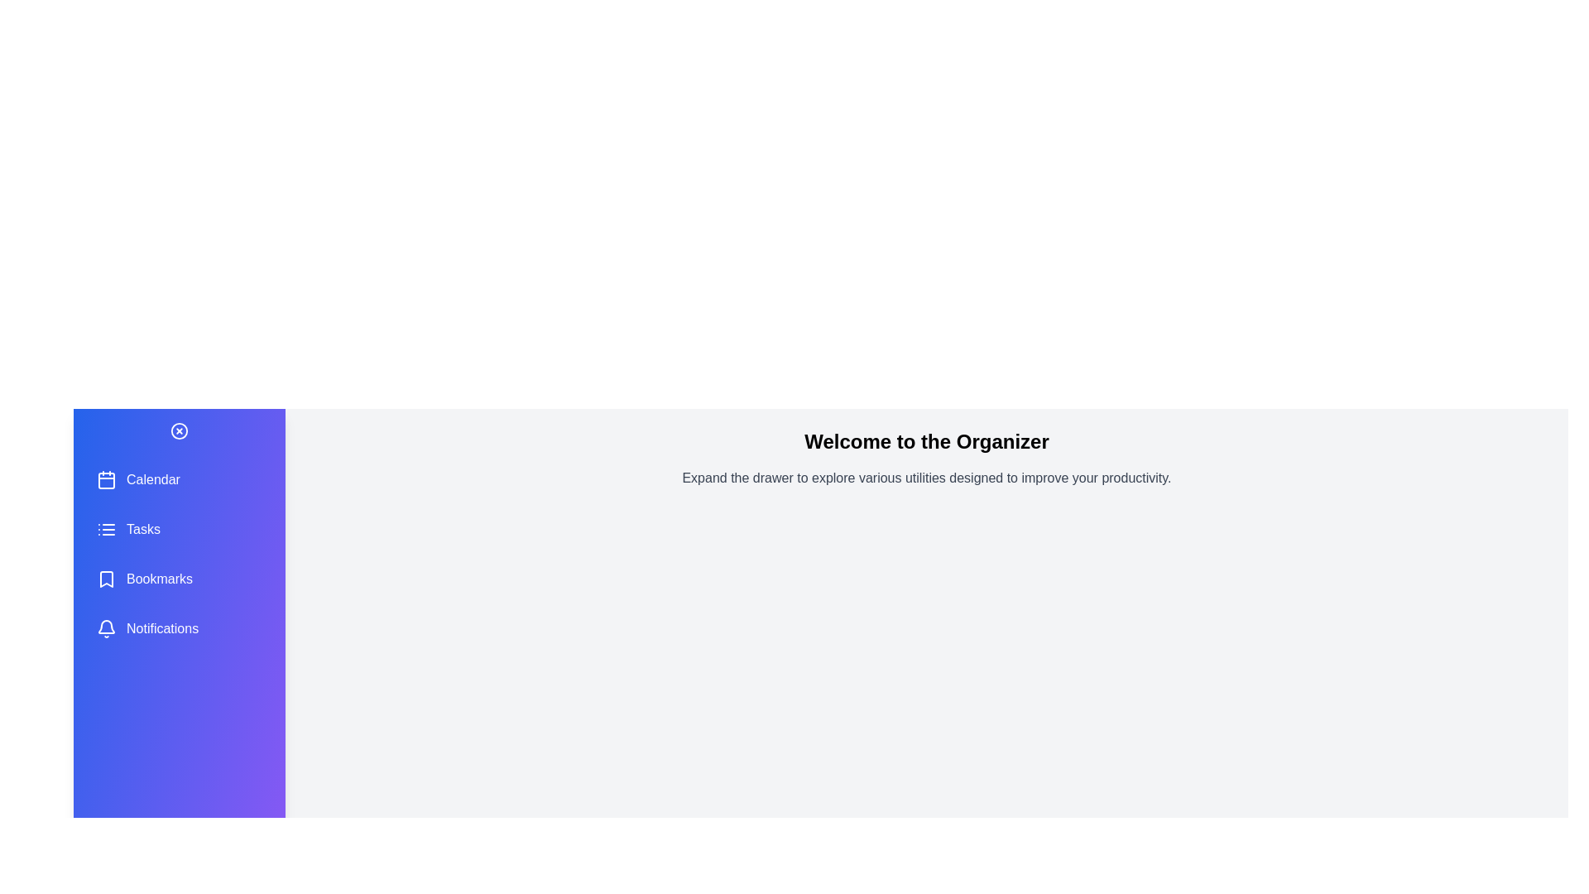 Image resolution: width=1589 pixels, height=894 pixels. What do you see at coordinates (106, 578) in the screenshot?
I see `the Bookmarks icon in the drawer` at bounding box center [106, 578].